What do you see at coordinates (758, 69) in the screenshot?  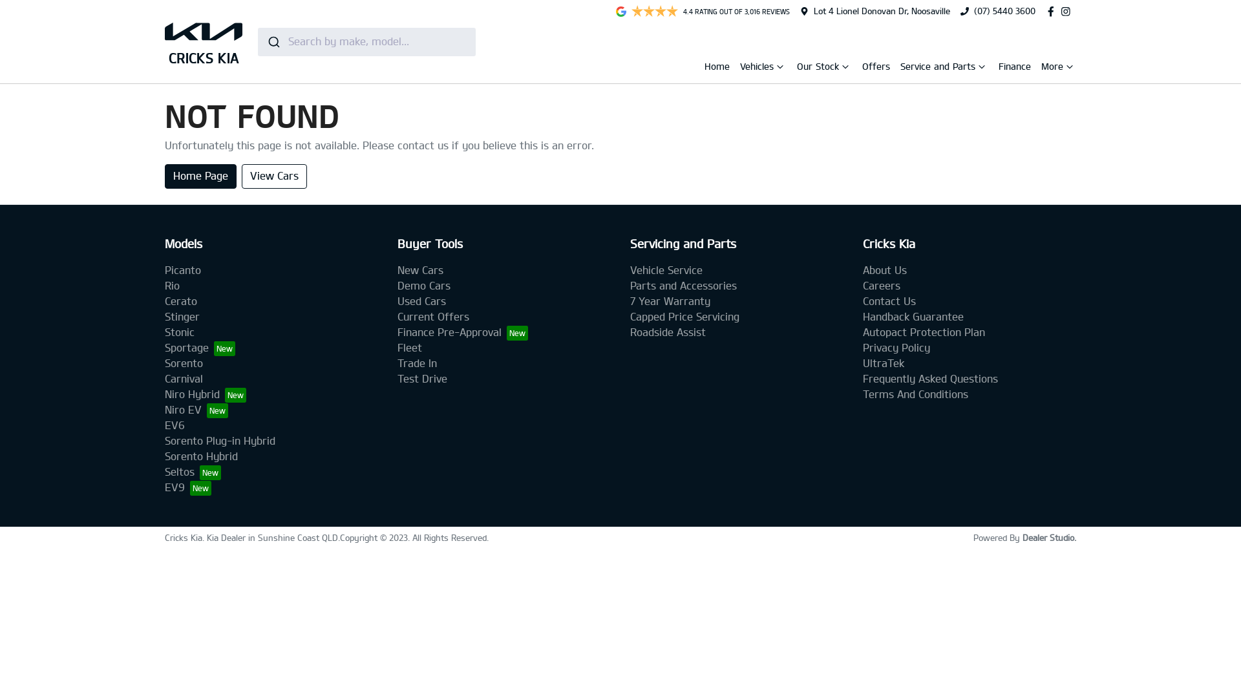 I see `'Vehicles'` at bounding box center [758, 69].